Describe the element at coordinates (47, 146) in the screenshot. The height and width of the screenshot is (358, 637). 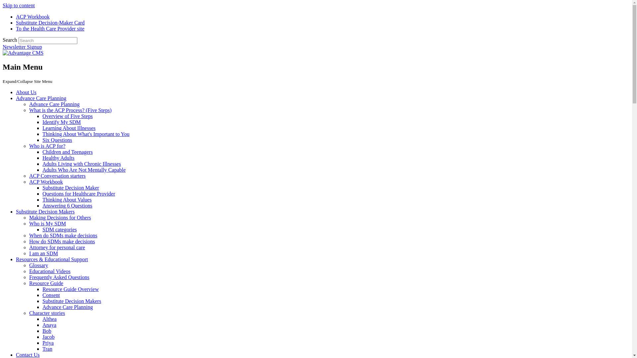
I see `'Who is ACP for?'` at that location.